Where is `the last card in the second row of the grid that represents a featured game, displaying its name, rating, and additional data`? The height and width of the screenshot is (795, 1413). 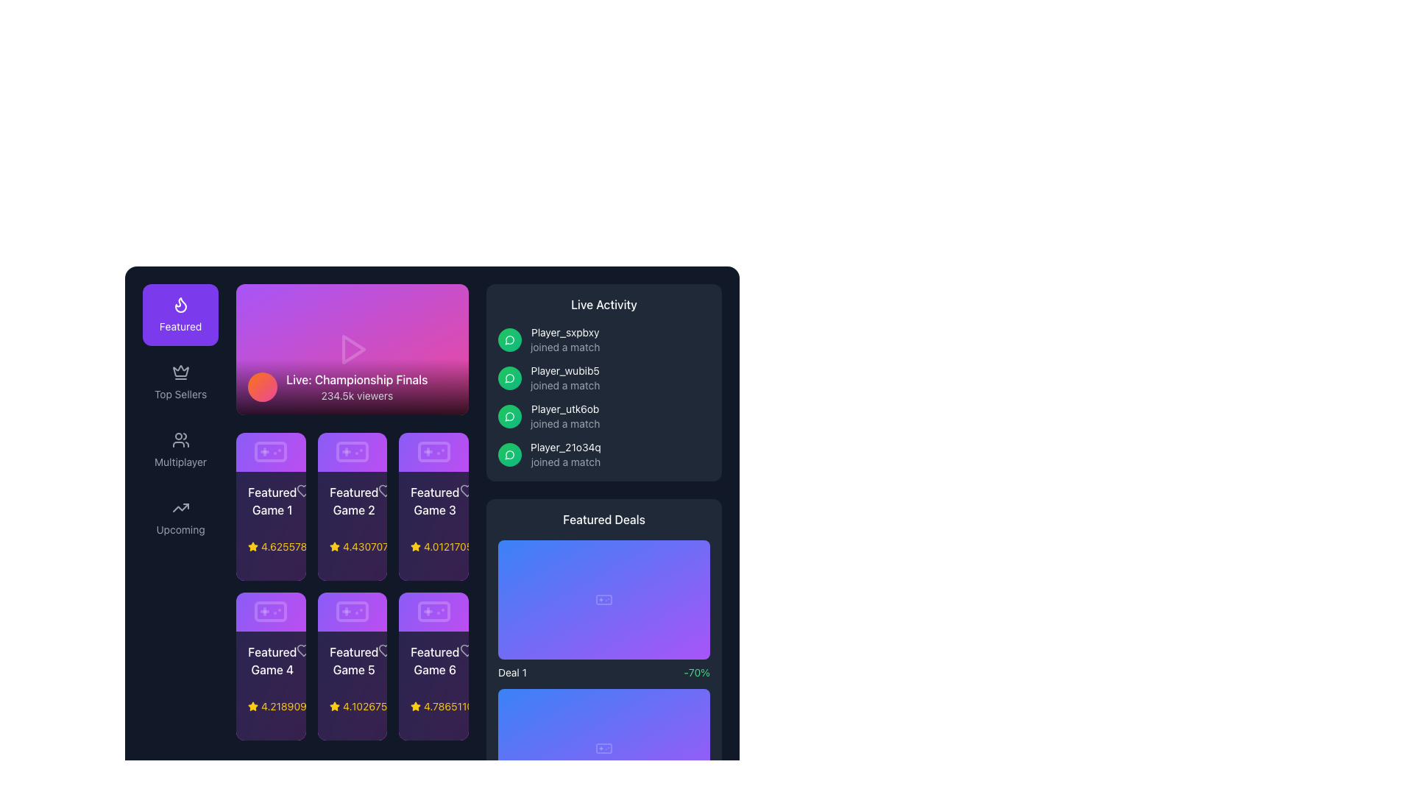
the last card in the second row of the grid that represents a featured game, displaying its name, rating, and additional data is located at coordinates (433, 666).